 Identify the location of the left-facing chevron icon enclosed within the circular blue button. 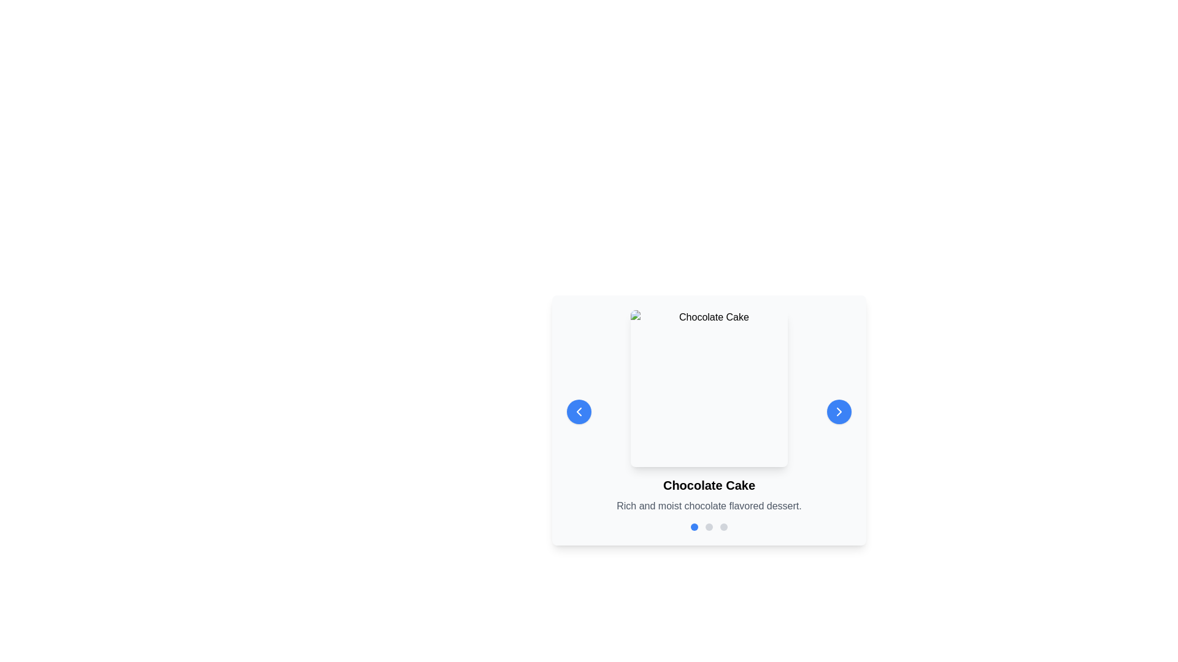
(579, 411).